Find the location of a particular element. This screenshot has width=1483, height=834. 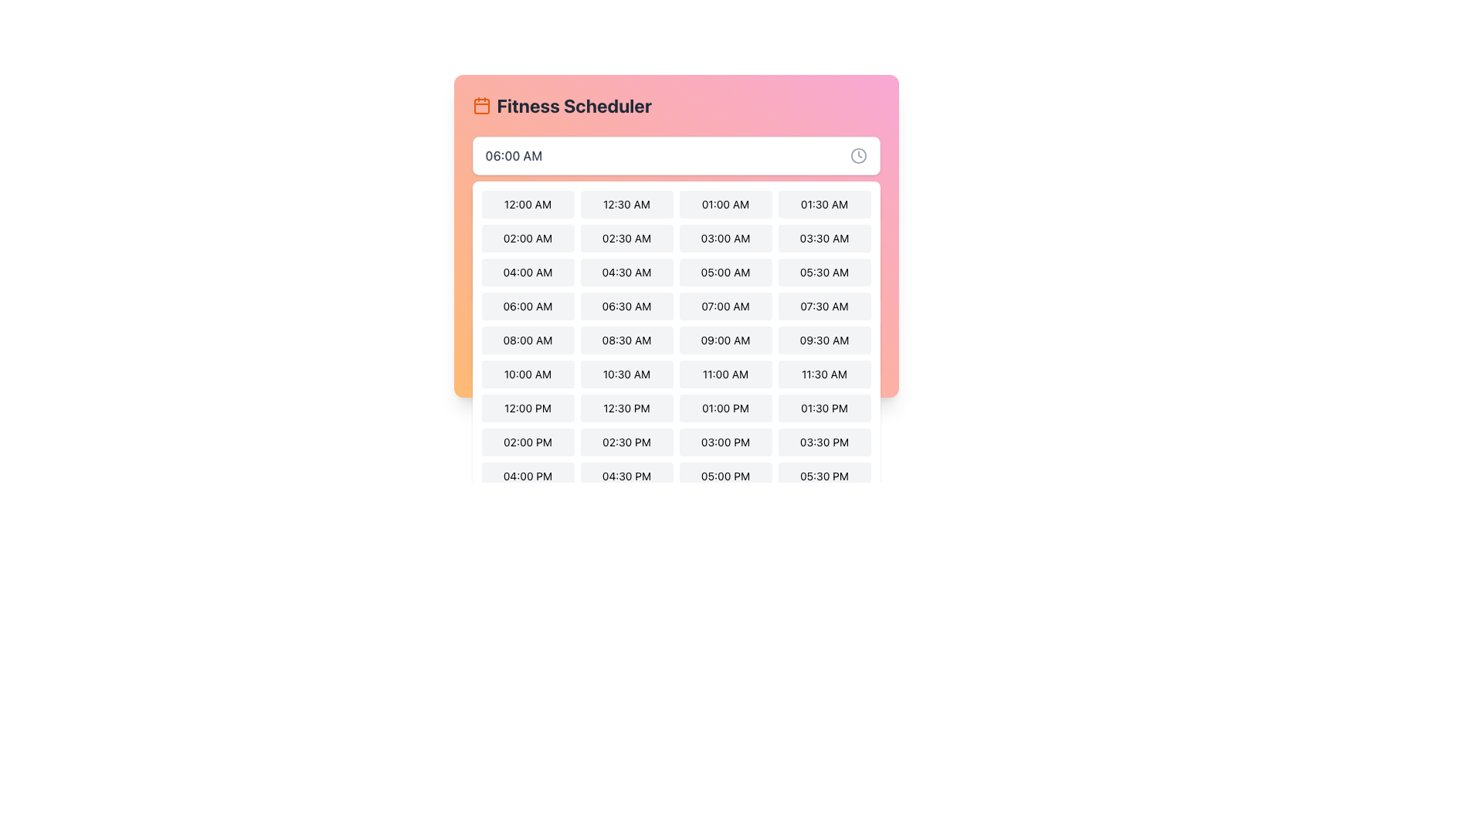

the rounded rectangular button labeled '11:30 AM' located under the 'Fitness Scheduler' section is located at coordinates (823, 375).